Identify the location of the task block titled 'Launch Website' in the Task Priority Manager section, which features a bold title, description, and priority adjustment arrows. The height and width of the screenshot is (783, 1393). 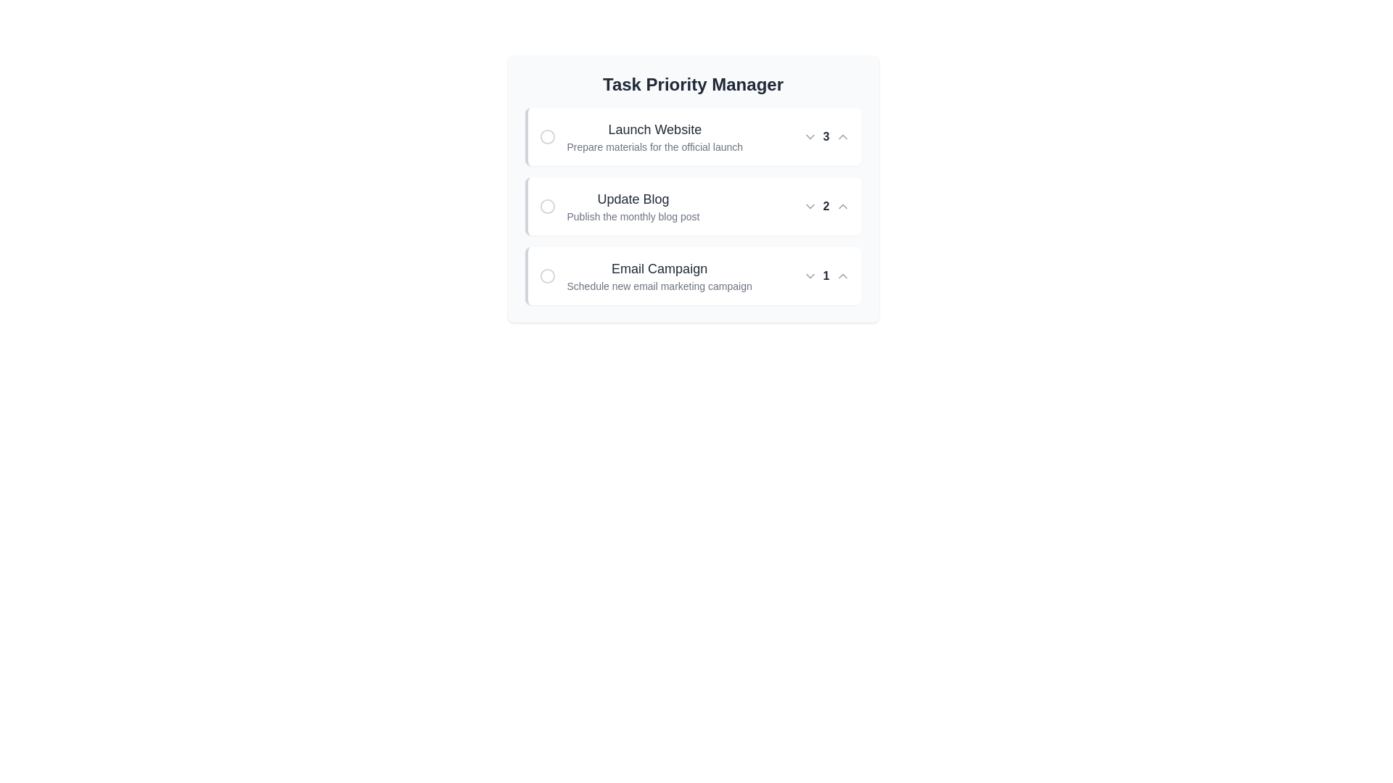
(692, 137).